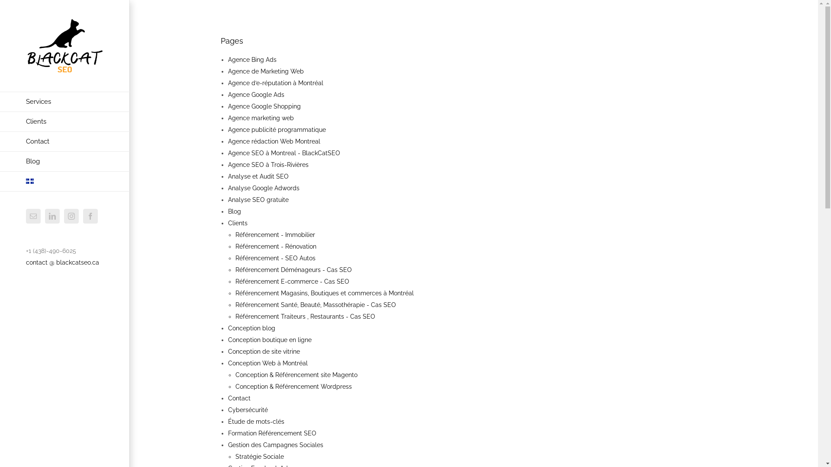 This screenshot has width=831, height=467. What do you see at coordinates (238, 223) in the screenshot?
I see `'Clients'` at bounding box center [238, 223].